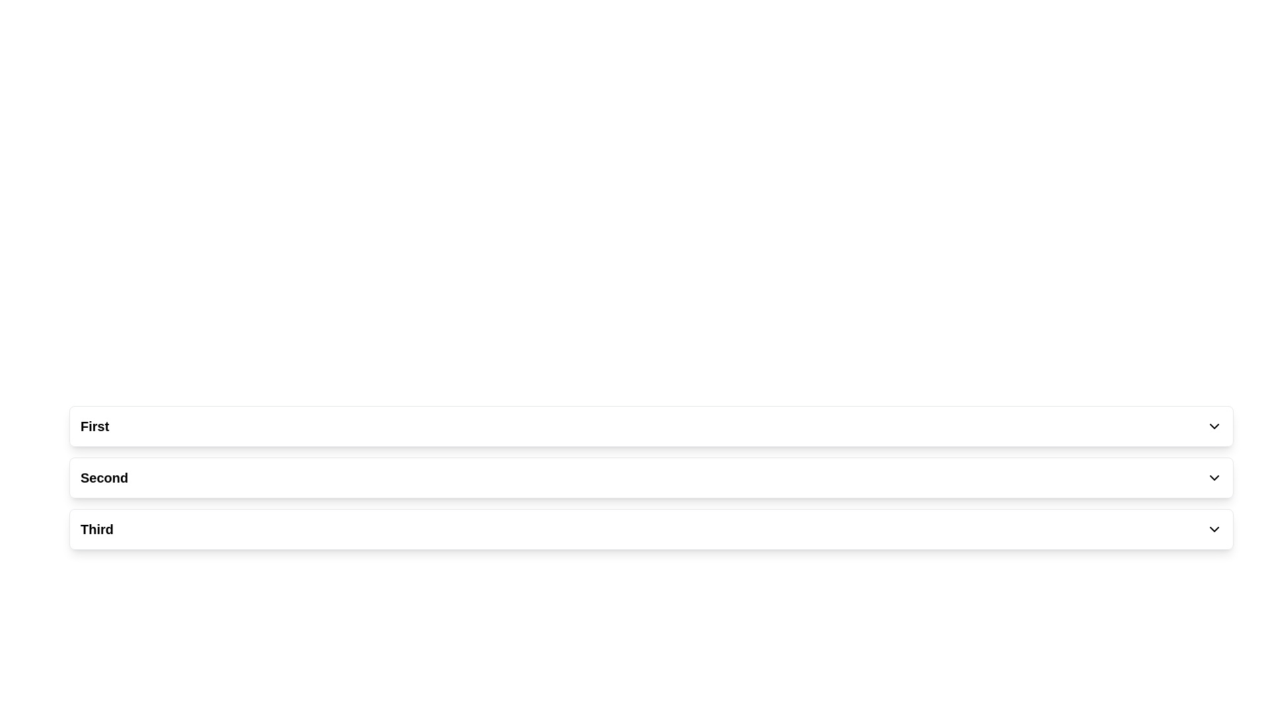 The image size is (1268, 713). Describe the element at coordinates (104, 478) in the screenshot. I see `the main label or title of the second row, which is positioned between the elements labeled 'First' above and 'Third' below` at that location.